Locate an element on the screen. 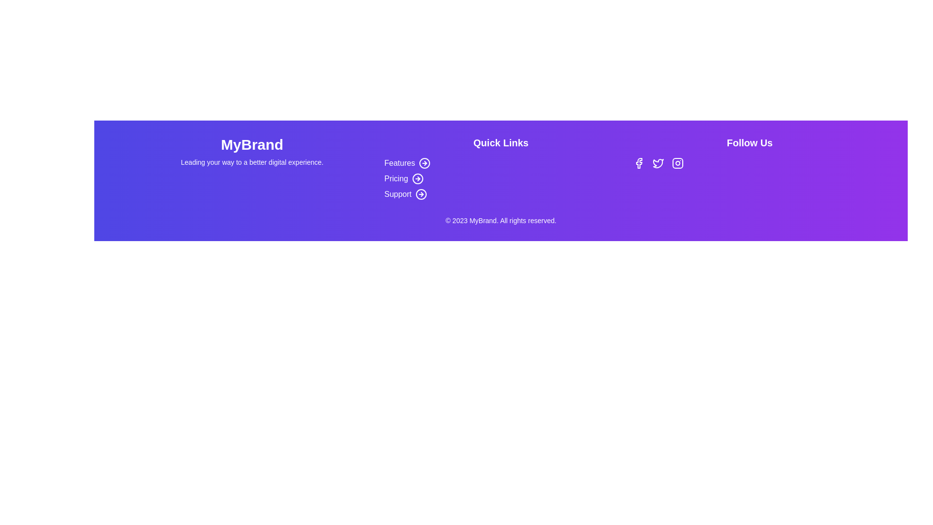 The image size is (933, 525). text element displaying 'Follow Us' which is styled in bold white font against a gradient purple background, located in the footer above social media icons is located at coordinates (749, 142).